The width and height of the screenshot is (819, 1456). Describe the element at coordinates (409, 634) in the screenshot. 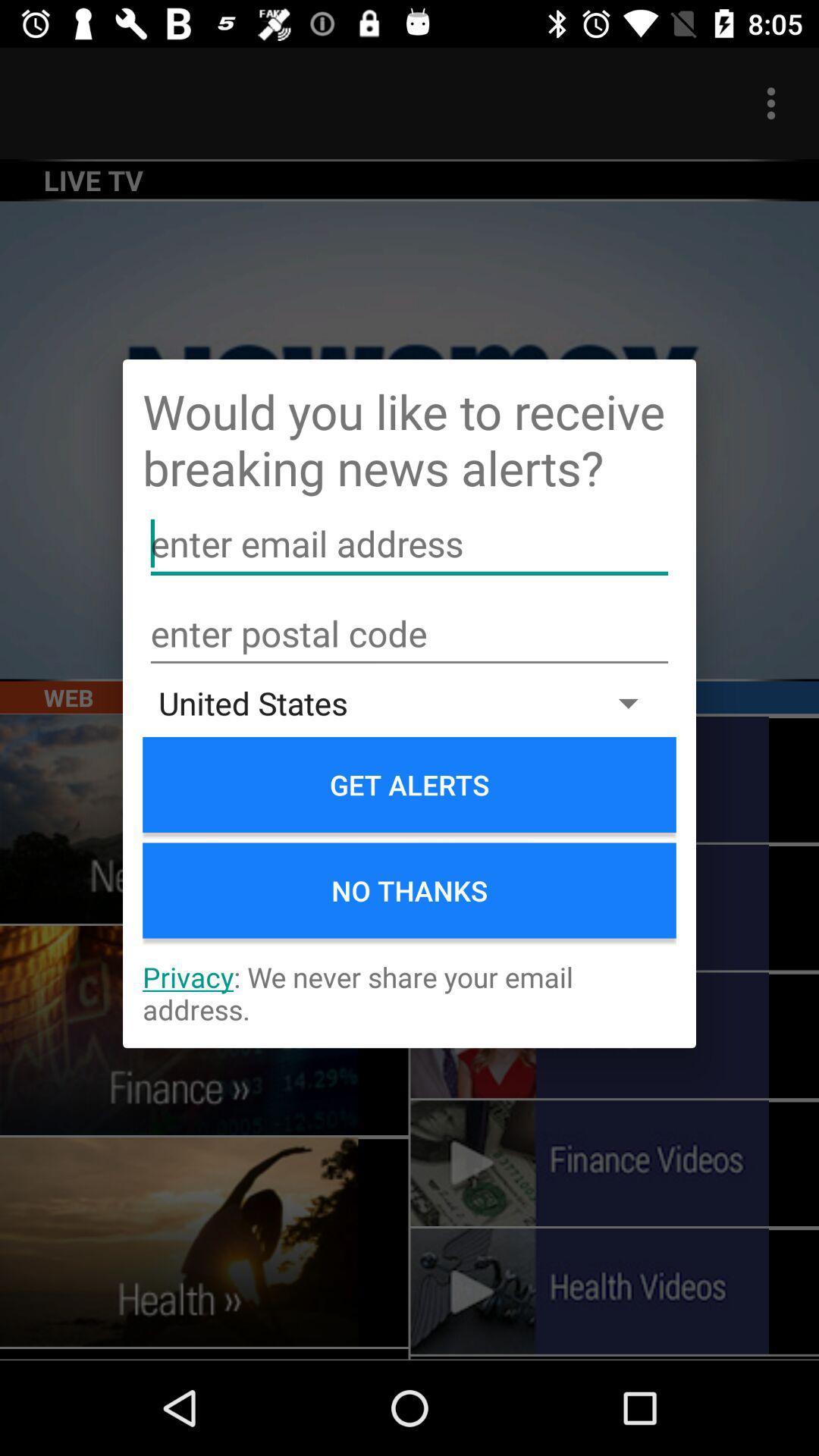

I see `postal code` at that location.